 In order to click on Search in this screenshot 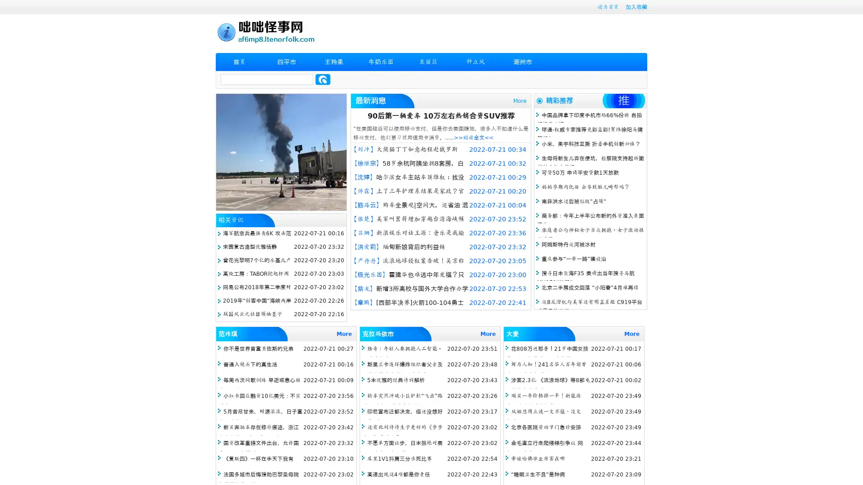, I will do `click(323, 79)`.